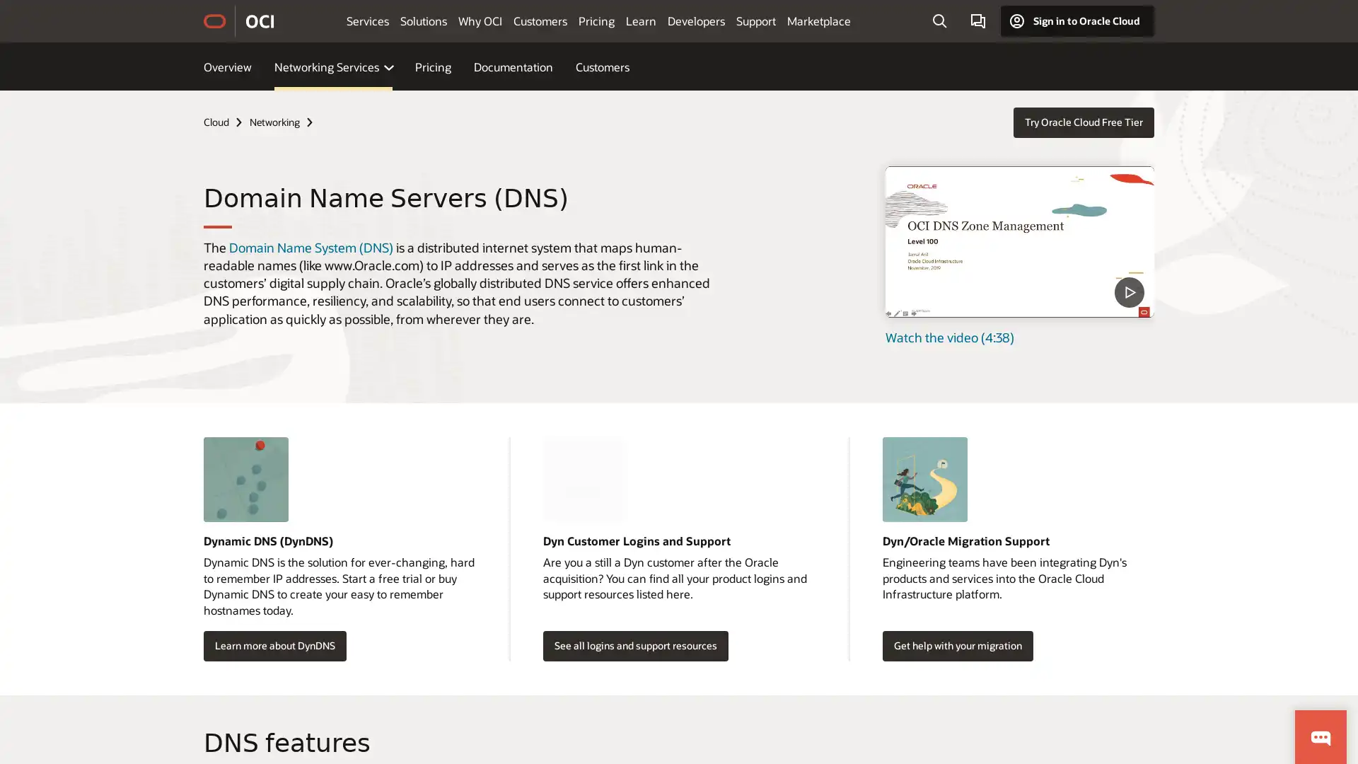 The height and width of the screenshot is (764, 1358). What do you see at coordinates (696, 21) in the screenshot?
I see `Developers` at bounding box center [696, 21].